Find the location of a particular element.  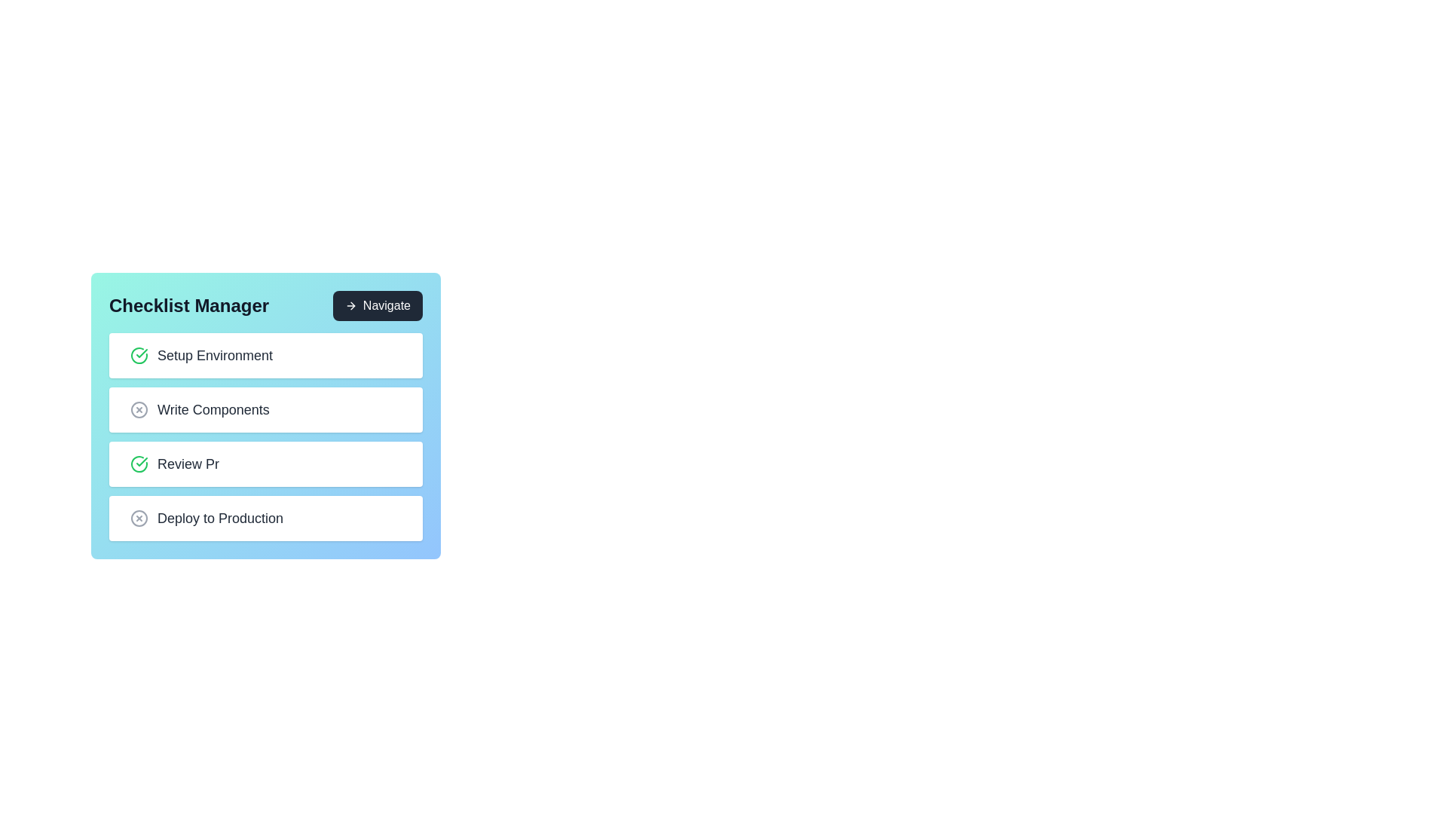

'Navigate' button to proceed is located at coordinates (377, 305).